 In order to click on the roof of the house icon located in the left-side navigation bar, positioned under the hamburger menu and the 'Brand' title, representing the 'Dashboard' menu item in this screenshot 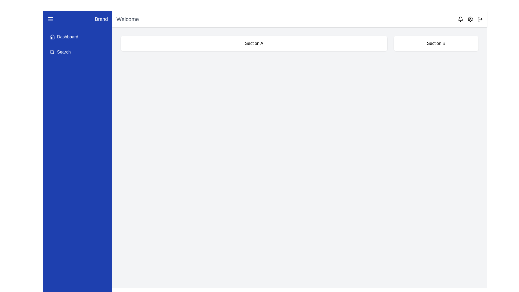, I will do `click(52, 36)`.